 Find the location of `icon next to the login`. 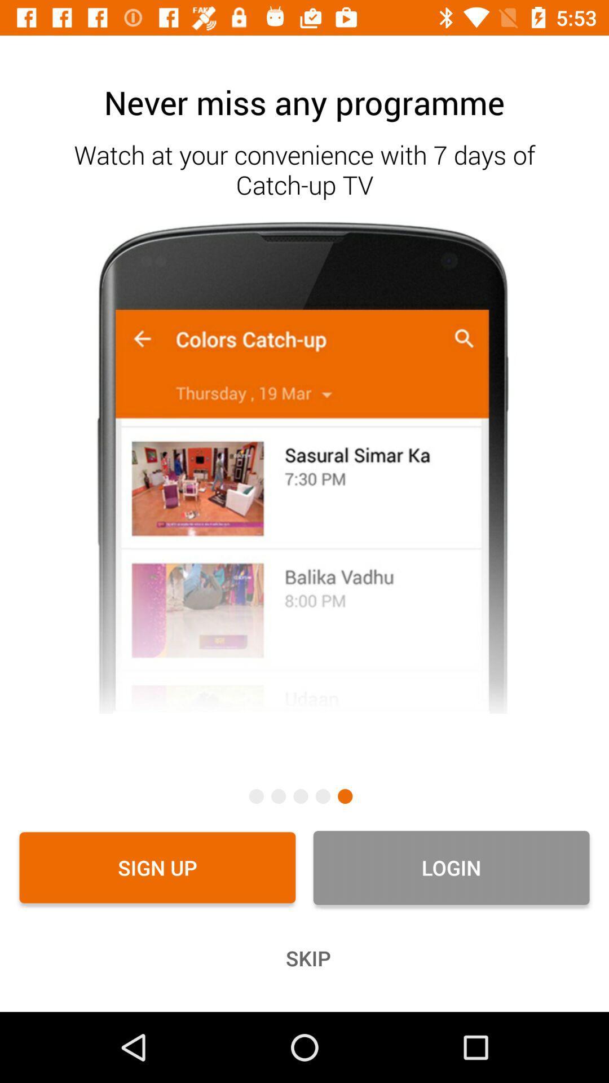

icon next to the login is located at coordinates (157, 867).